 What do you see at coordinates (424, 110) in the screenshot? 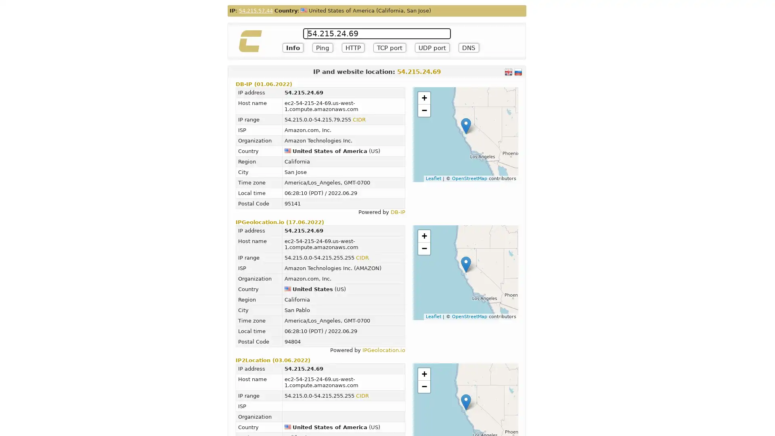
I see `Zoom out` at bounding box center [424, 110].